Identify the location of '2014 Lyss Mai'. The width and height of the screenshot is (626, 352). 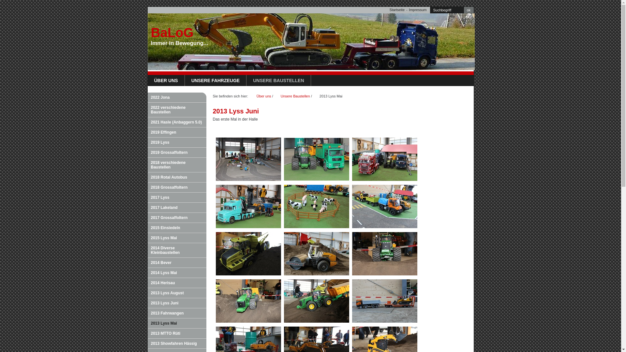
(177, 273).